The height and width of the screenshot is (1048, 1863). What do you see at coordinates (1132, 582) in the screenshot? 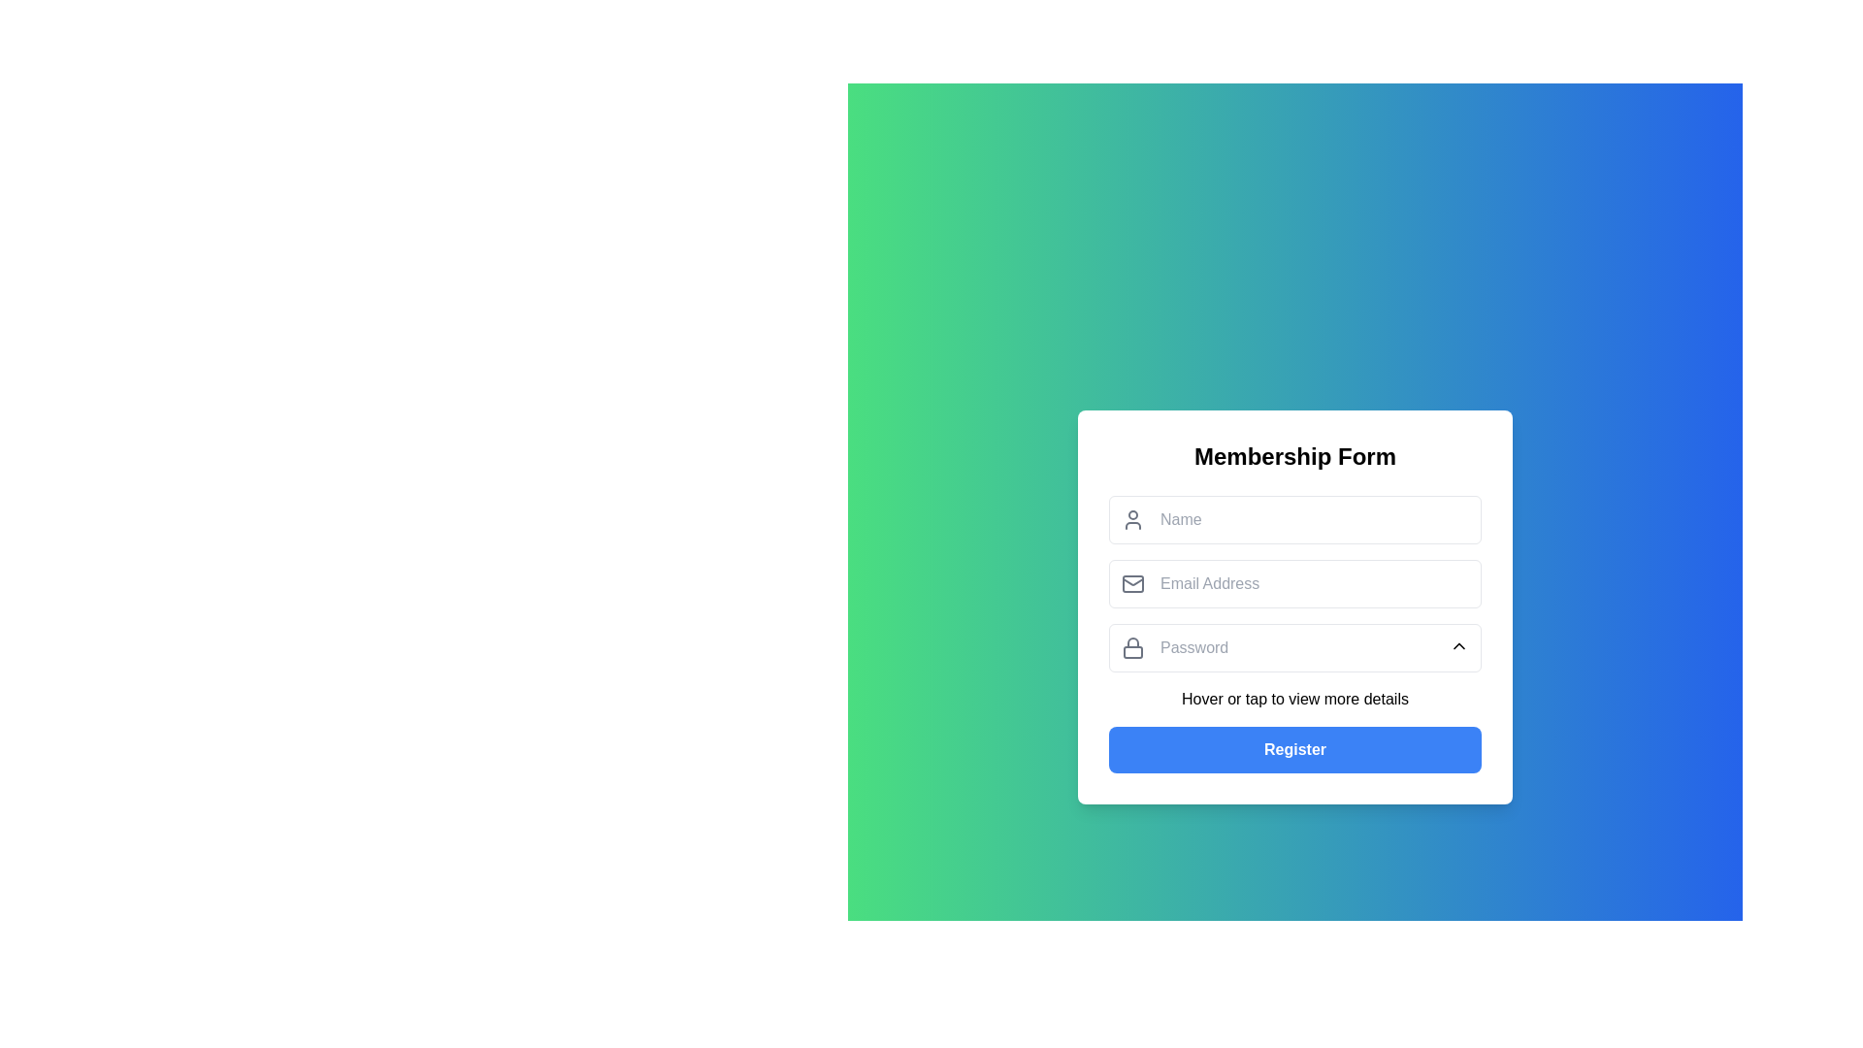
I see `the mail icon located inside the 'Email Address' input field, which is styled with a minimalistic design and outlined strokes, positioned in the middle-left region of the input field` at bounding box center [1132, 582].